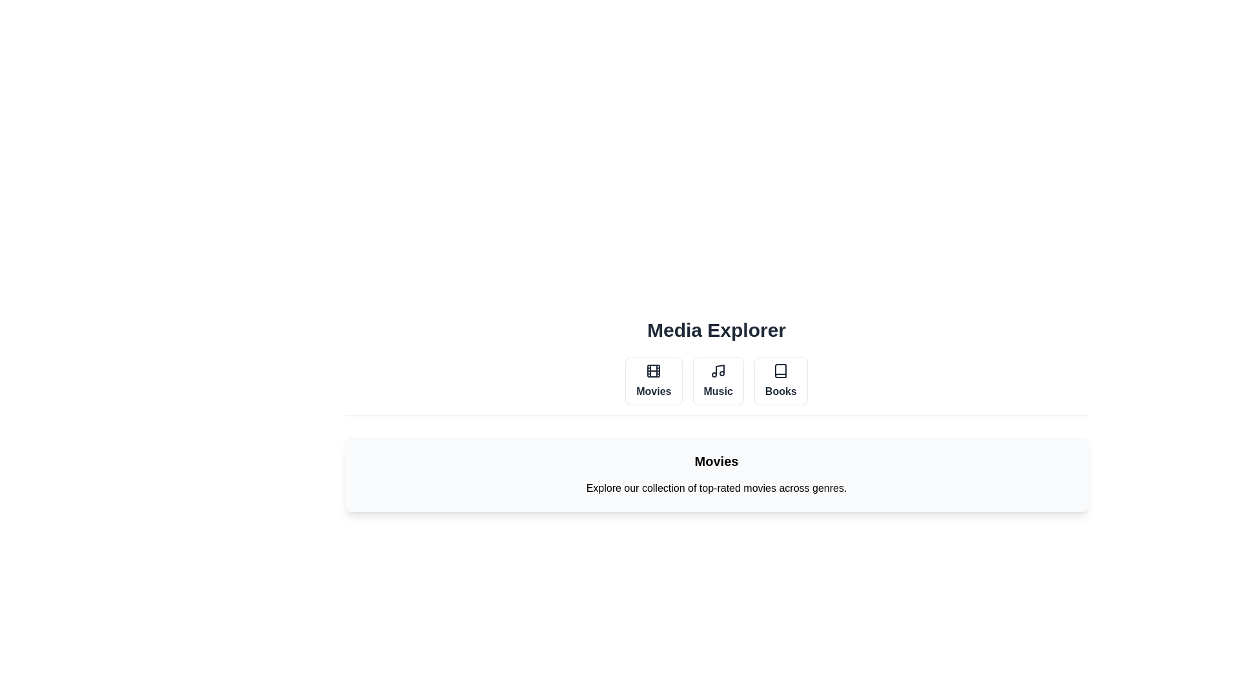  I want to click on the Books tab by clicking on its button, so click(780, 380).